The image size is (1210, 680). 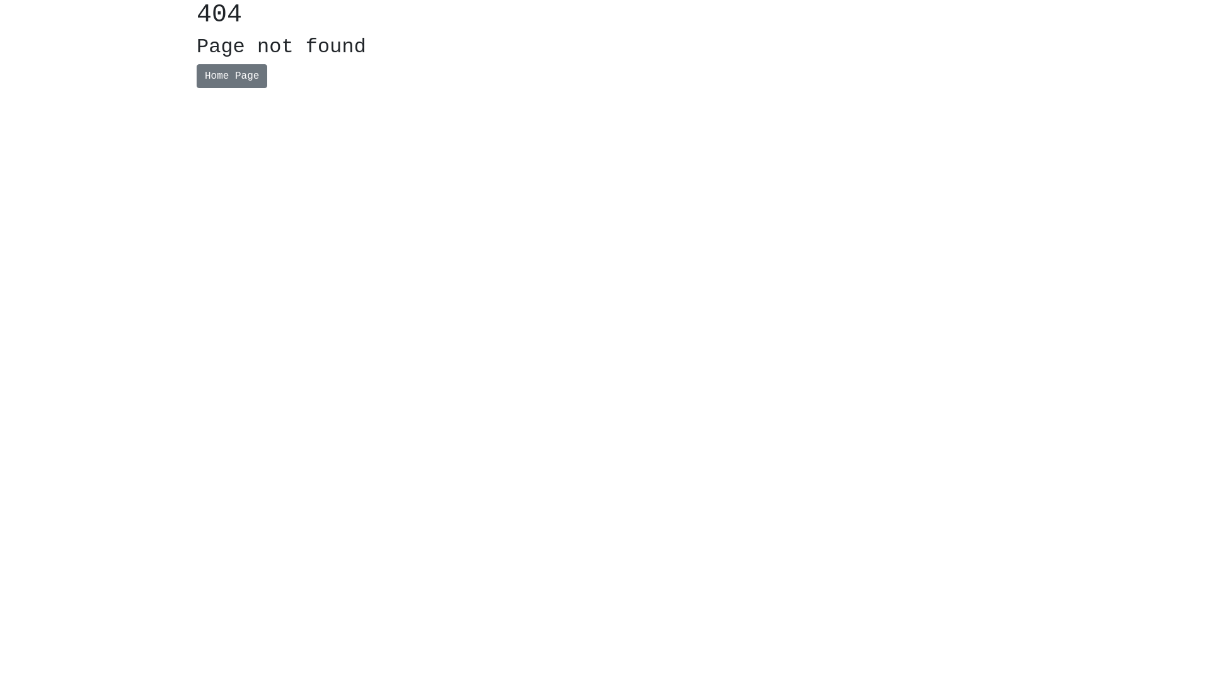 I want to click on 'Home Page', so click(x=196, y=76).